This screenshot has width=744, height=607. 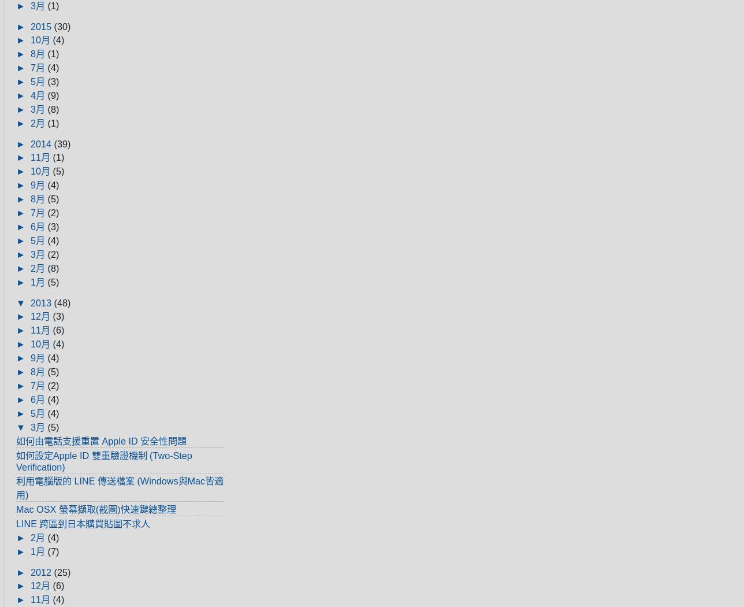 What do you see at coordinates (42, 572) in the screenshot?
I see `'2012'` at bounding box center [42, 572].